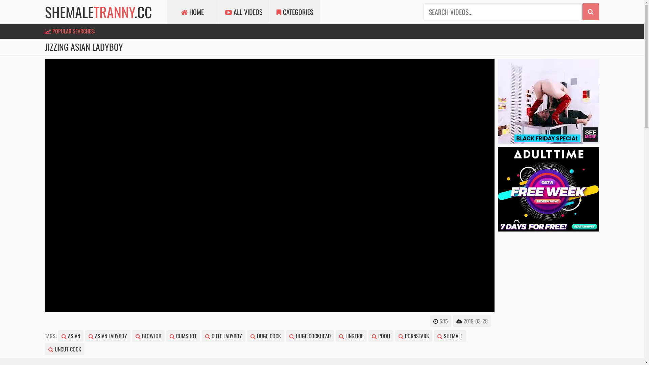 This screenshot has height=365, width=649. Describe the element at coordinates (131, 336) in the screenshot. I see `'BLOWJOB'` at that location.